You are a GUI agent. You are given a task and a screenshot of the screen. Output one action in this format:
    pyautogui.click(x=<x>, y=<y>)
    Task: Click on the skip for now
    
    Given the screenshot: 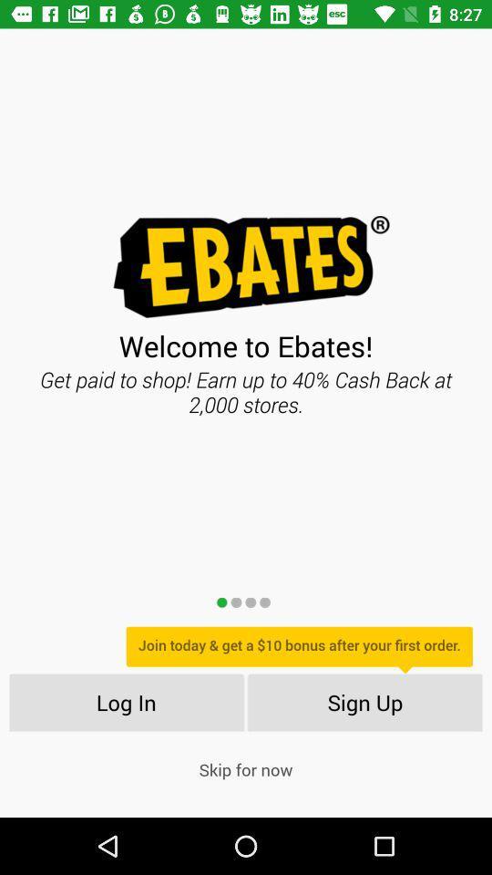 What is the action you would take?
    pyautogui.click(x=246, y=768)
    